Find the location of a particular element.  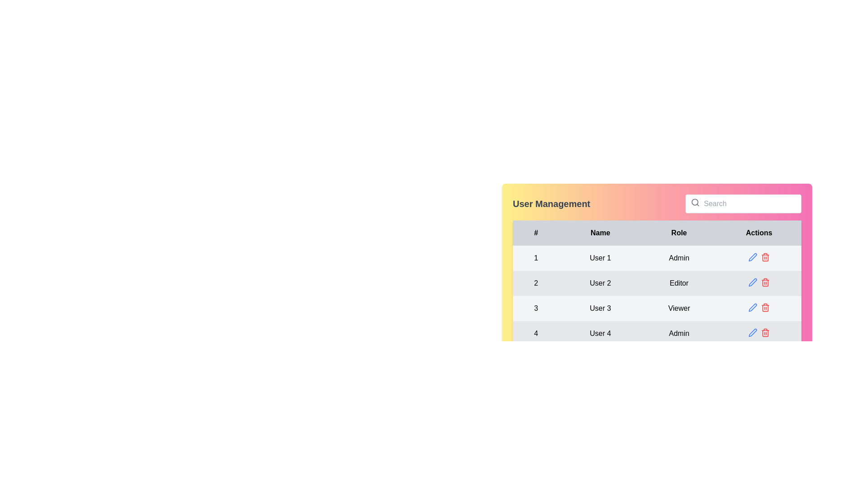

the red trash bin icon in the actions column of the table, located in the fourth row for 'User 4' is located at coordinates (758, 332).